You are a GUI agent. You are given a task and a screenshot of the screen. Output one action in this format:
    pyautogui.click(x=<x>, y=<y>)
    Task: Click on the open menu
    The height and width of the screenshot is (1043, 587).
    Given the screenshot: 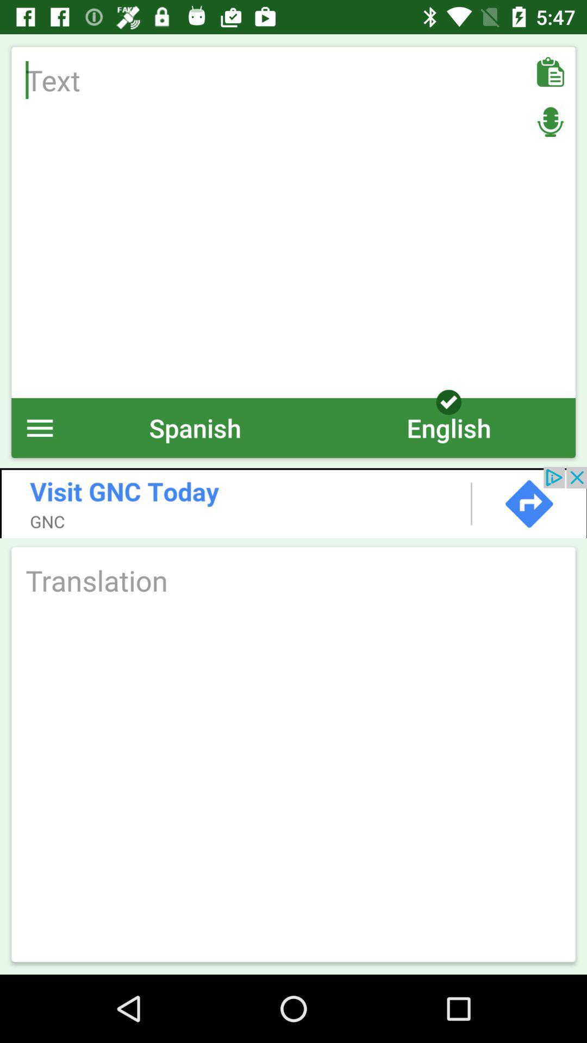 What is the action you would take?
    pyautogui.click(x=39, y=427)
    